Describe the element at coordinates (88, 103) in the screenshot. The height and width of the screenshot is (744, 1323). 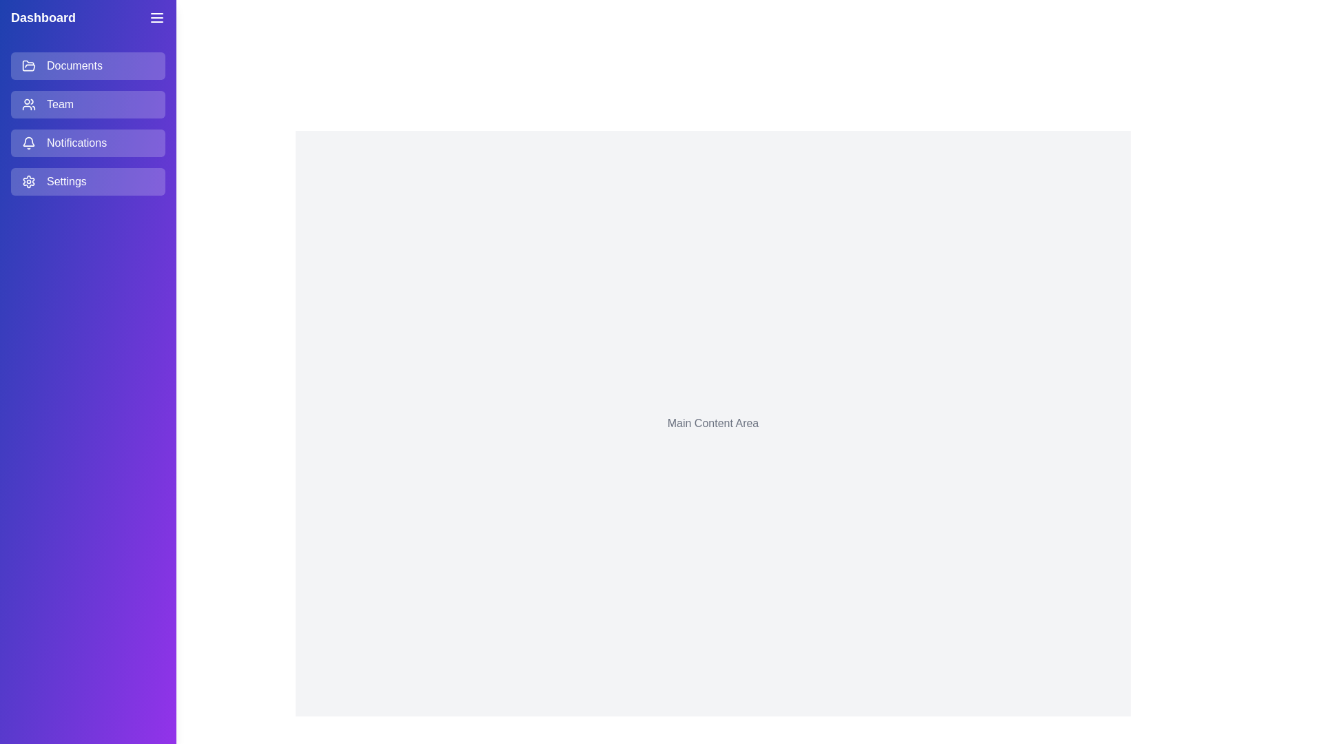
I see `the menu item Team from the list` at that location.